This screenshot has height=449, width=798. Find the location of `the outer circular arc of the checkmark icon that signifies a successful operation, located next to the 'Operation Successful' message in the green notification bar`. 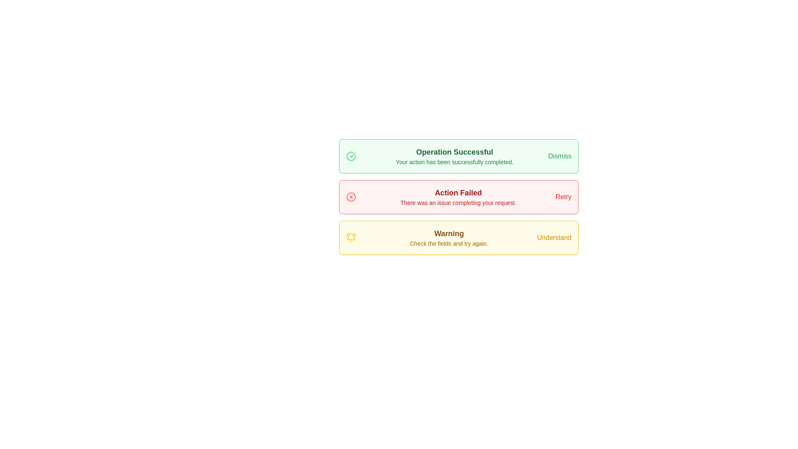

the outer circular arc of the checkmark icon that signifies a successful operation, located next to the 'Operation Successful' message in the green notification bar is located at coordinates (351, 156).